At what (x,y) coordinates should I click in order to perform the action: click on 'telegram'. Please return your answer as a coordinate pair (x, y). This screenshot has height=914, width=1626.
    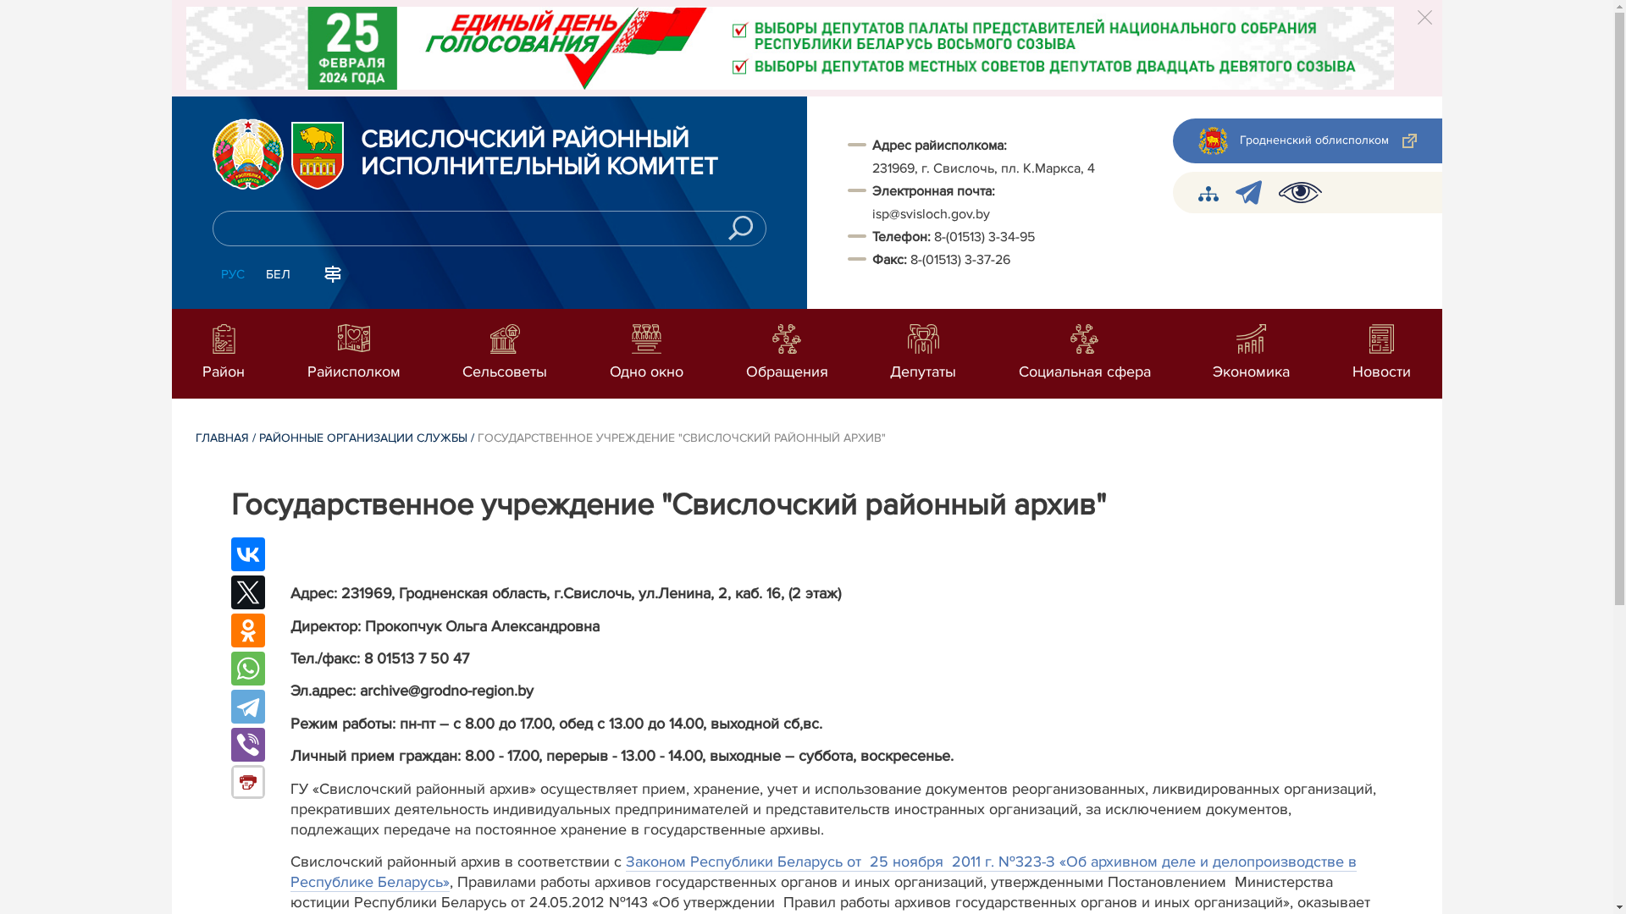
    Looking at the image, I should click on (1235, 191).